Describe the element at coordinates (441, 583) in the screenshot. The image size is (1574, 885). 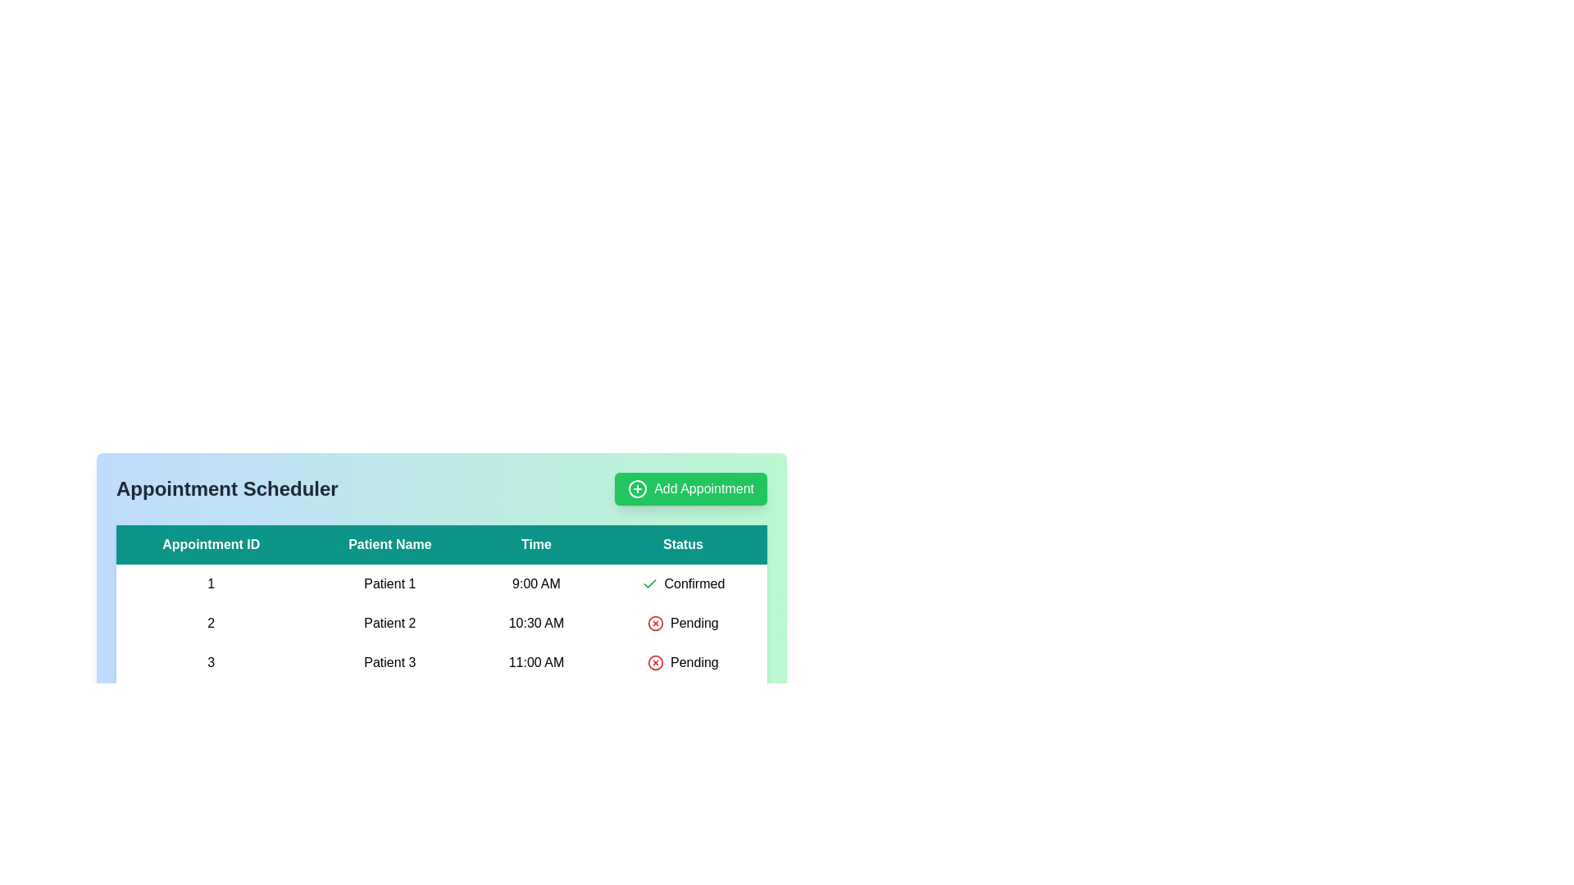
I see `the row corresponding to 1 to highlight it` at that location.